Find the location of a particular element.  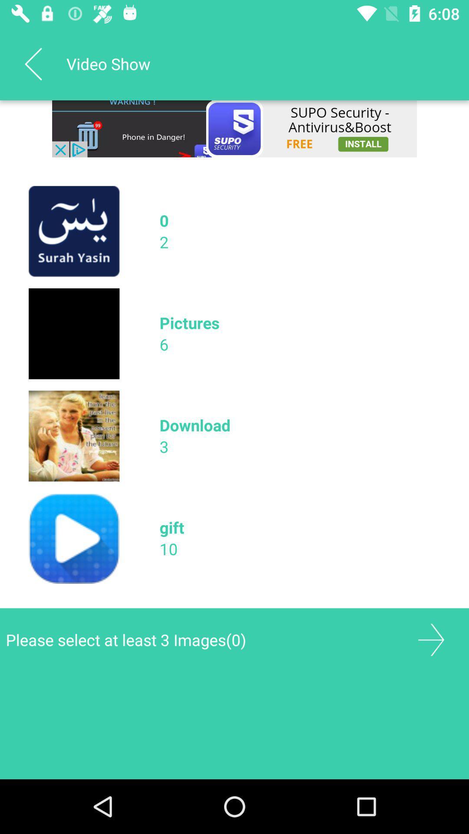

go back is located at coordinates (431, 640).